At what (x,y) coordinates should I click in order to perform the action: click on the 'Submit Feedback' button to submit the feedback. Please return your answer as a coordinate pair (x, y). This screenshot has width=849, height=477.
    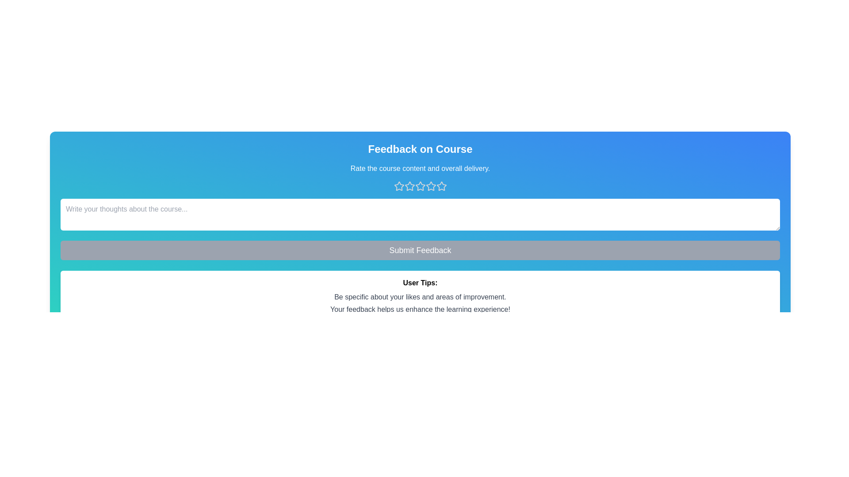
    Looking at the image, I should click on (420, 250).